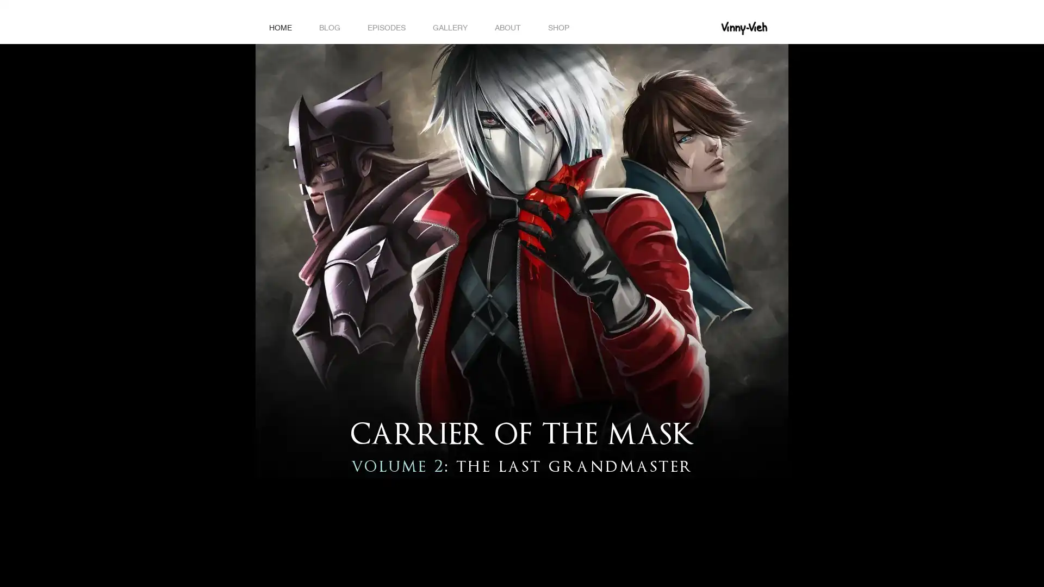 The image size is (1044, 587). What do you see at coordinates (929, 569) in the screenshot?
I see `Alle ablehnen` at bounding box center [929, 569].